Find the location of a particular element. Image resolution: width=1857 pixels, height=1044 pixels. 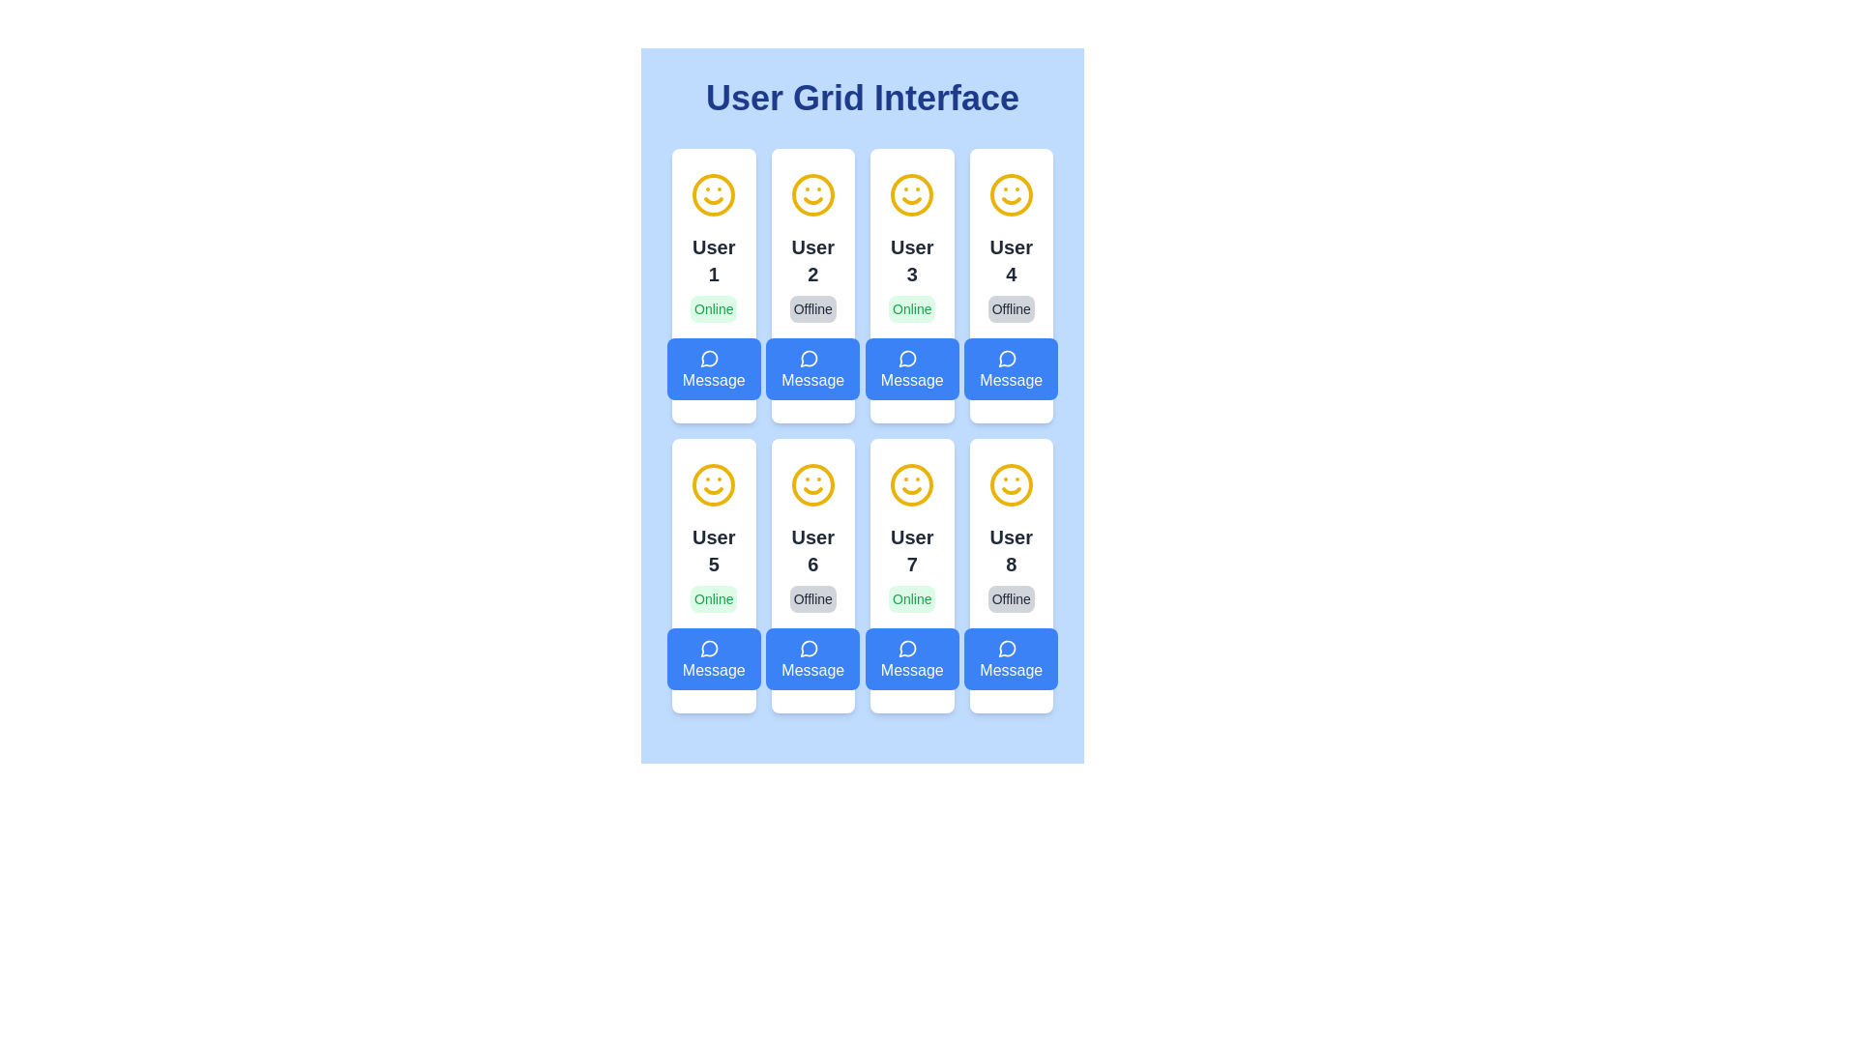

the User Card displaying the user's name and status, located in the second row, first column of the grid layout is located at coordinates (713, 575).